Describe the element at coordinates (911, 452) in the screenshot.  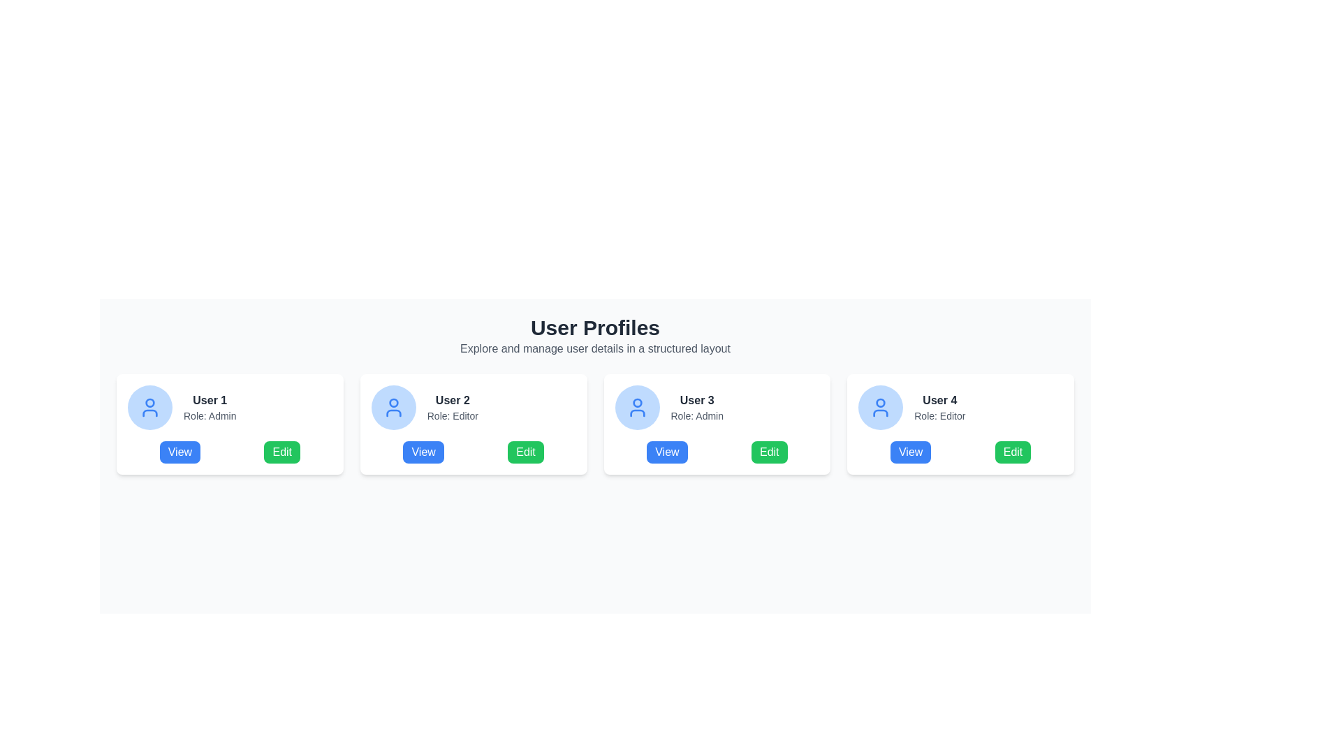
I see `the rounded rectangular button with a blue background and white text reading 'View'` at that location.